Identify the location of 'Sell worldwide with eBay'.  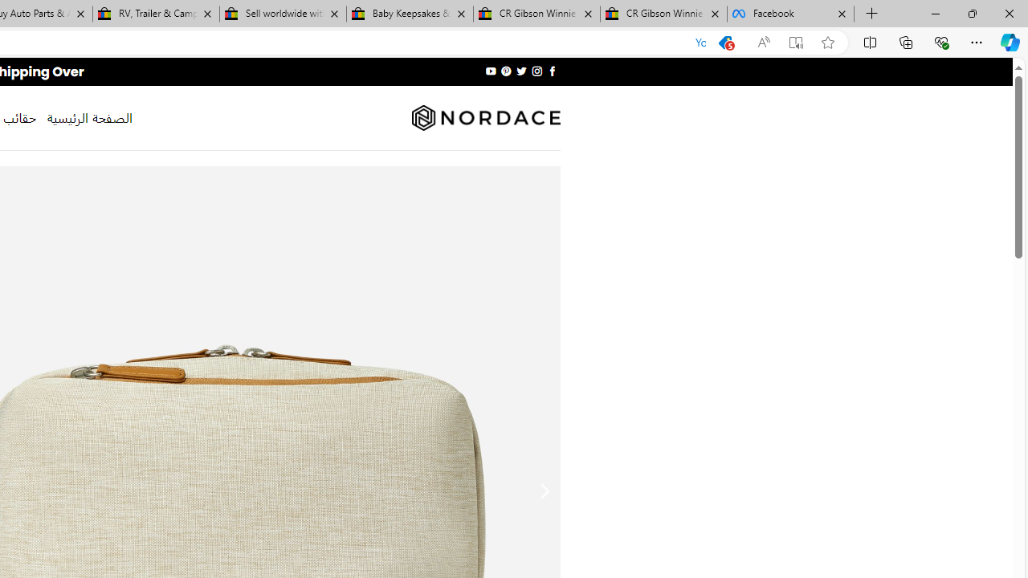
(283, 14).